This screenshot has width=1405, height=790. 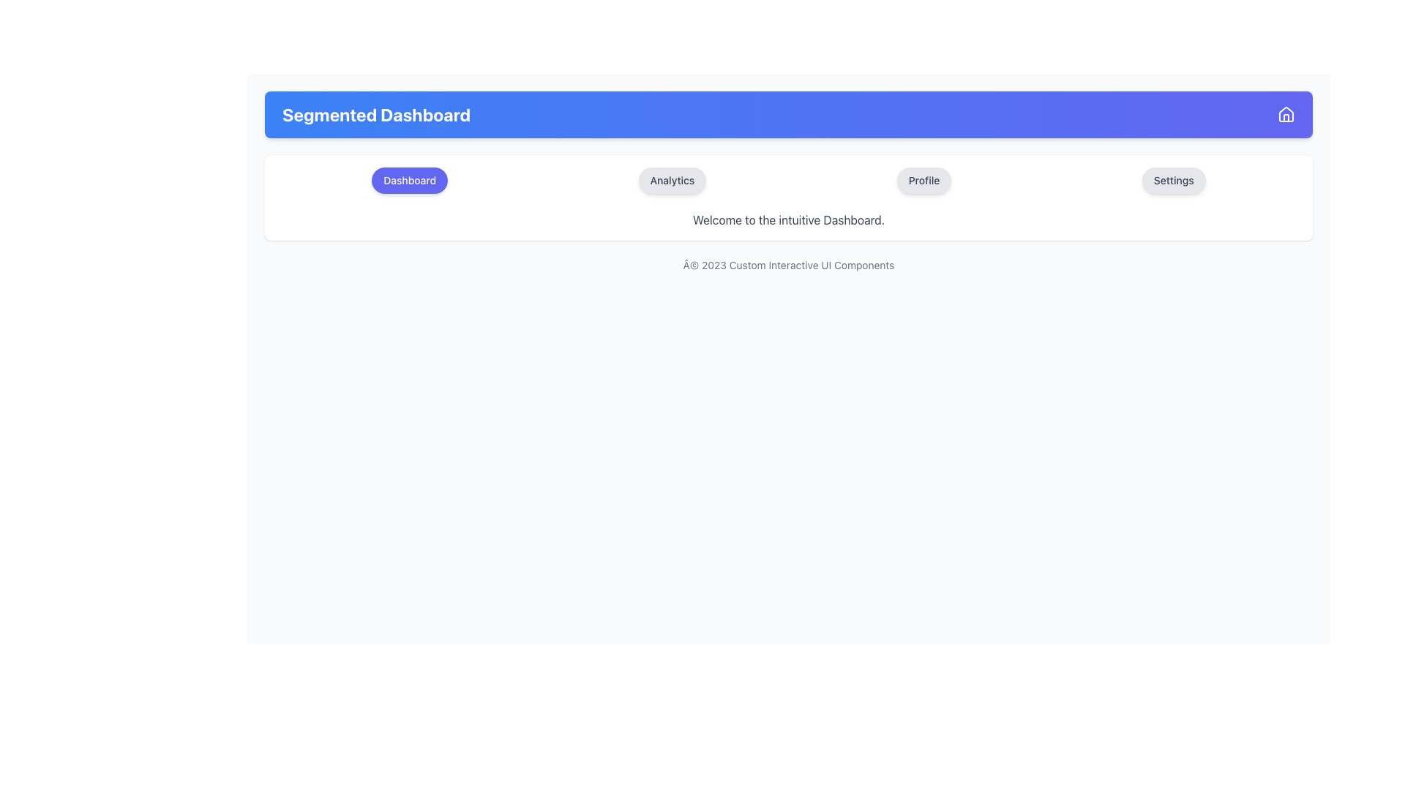 I want to click on the 'Settings' button located in the horizontal menu bar, so click(x=1173, y=179).